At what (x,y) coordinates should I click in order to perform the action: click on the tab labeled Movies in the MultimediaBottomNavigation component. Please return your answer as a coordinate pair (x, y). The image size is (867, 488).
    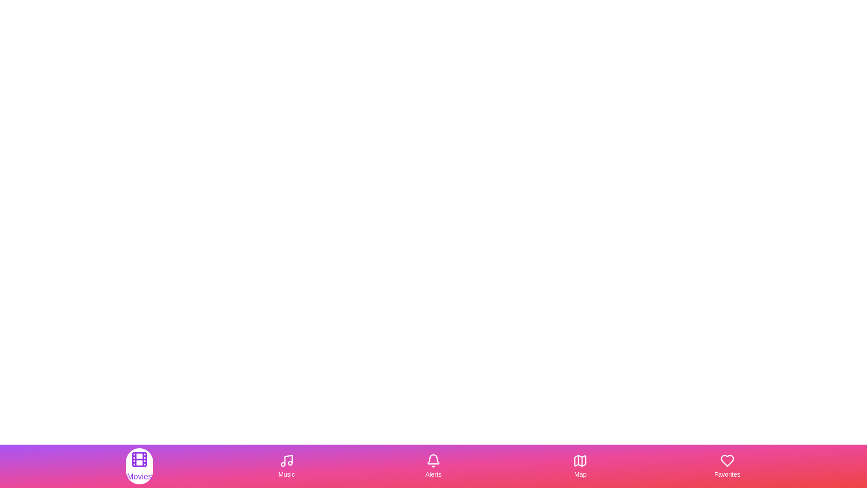
    Looking at the image, I should click on (139, 466).